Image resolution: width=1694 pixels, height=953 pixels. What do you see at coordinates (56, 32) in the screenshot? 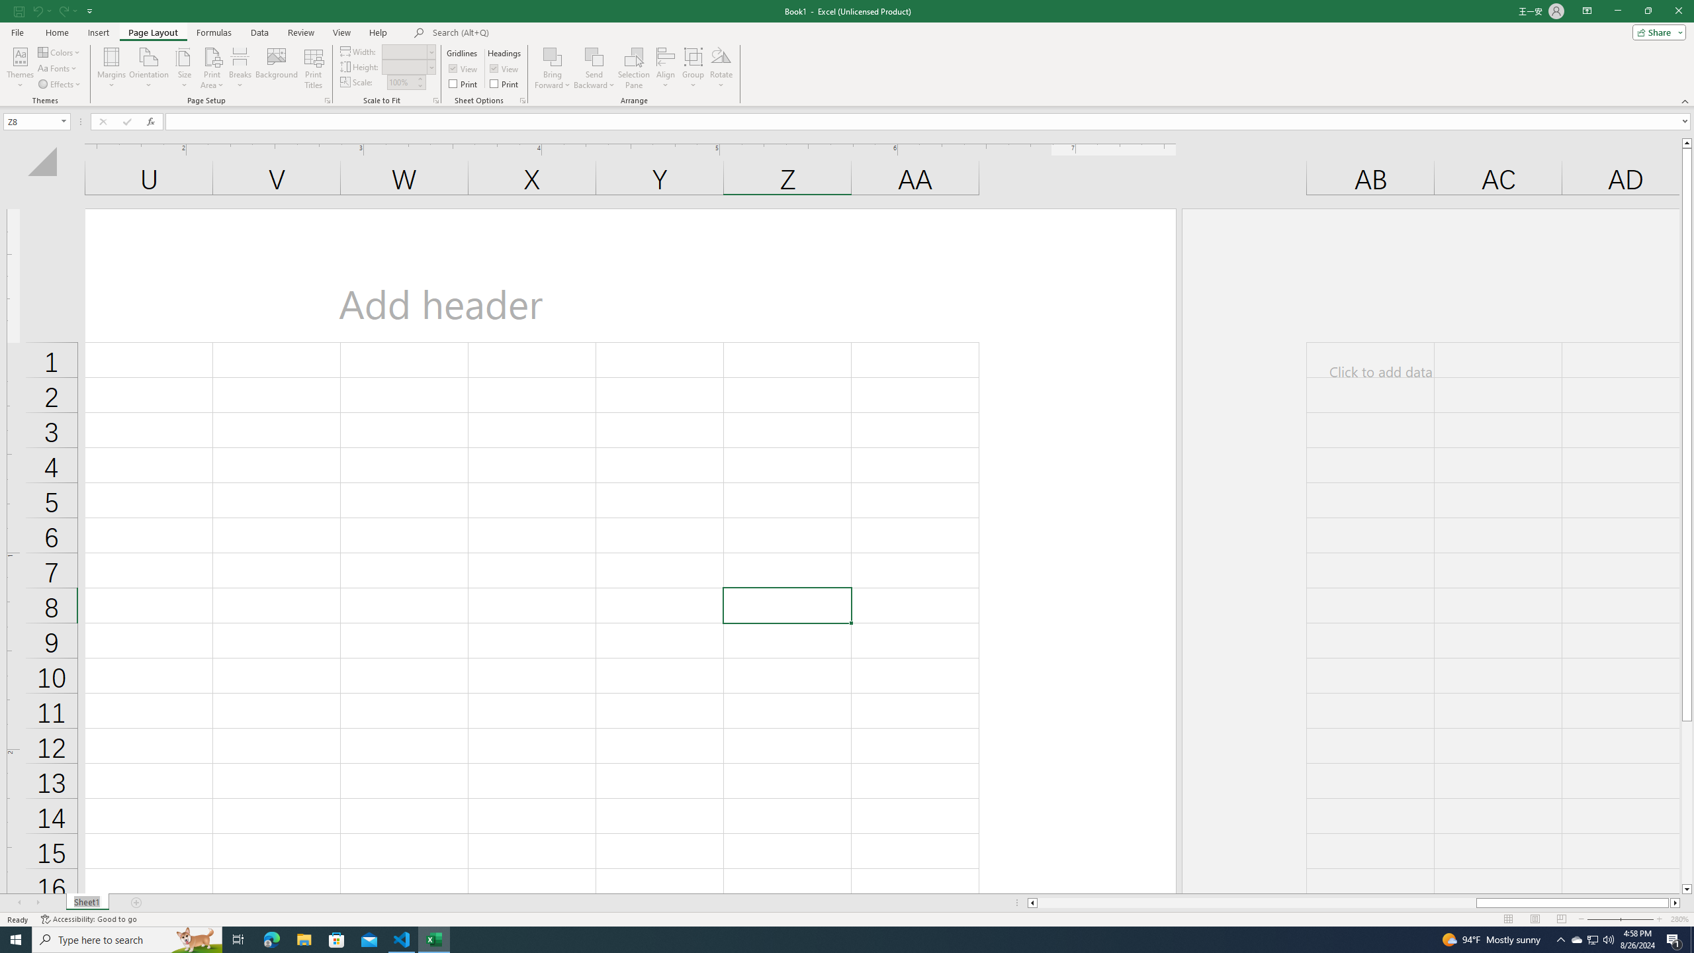
I see `'Home'` at bounding box center [56, 32].